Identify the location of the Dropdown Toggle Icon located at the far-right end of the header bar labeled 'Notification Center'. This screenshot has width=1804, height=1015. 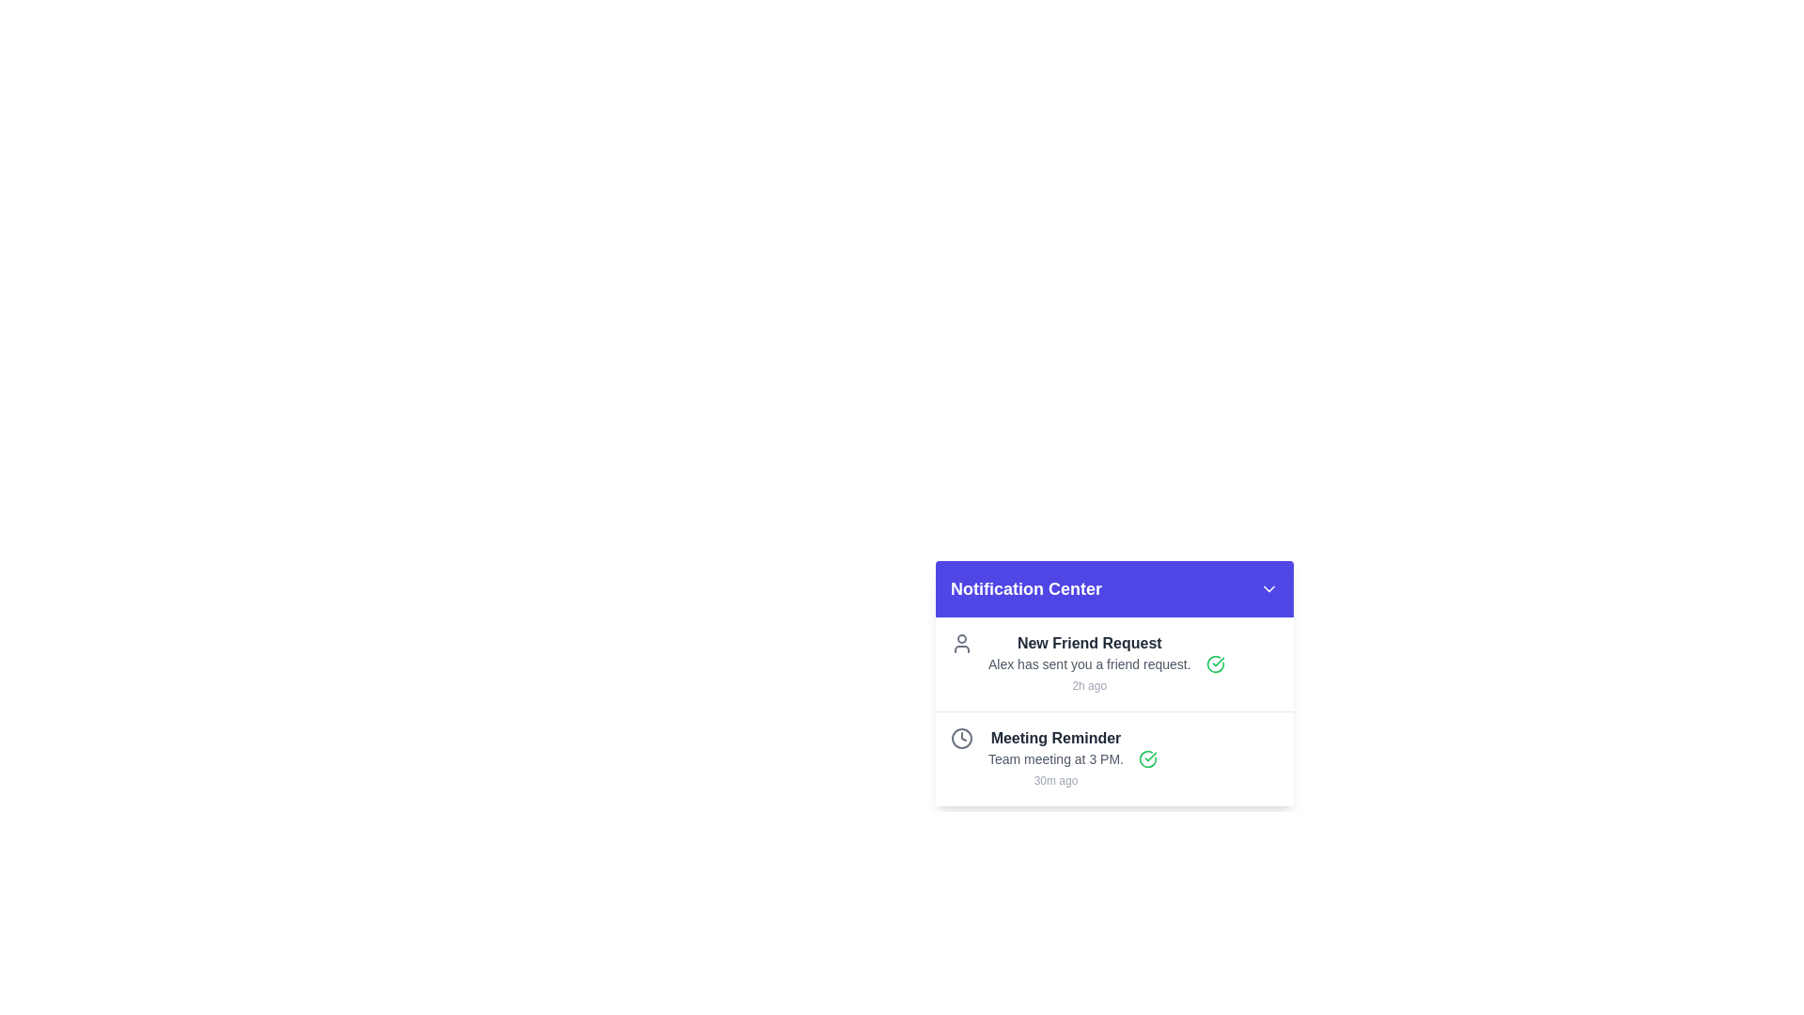
(1268, 588).